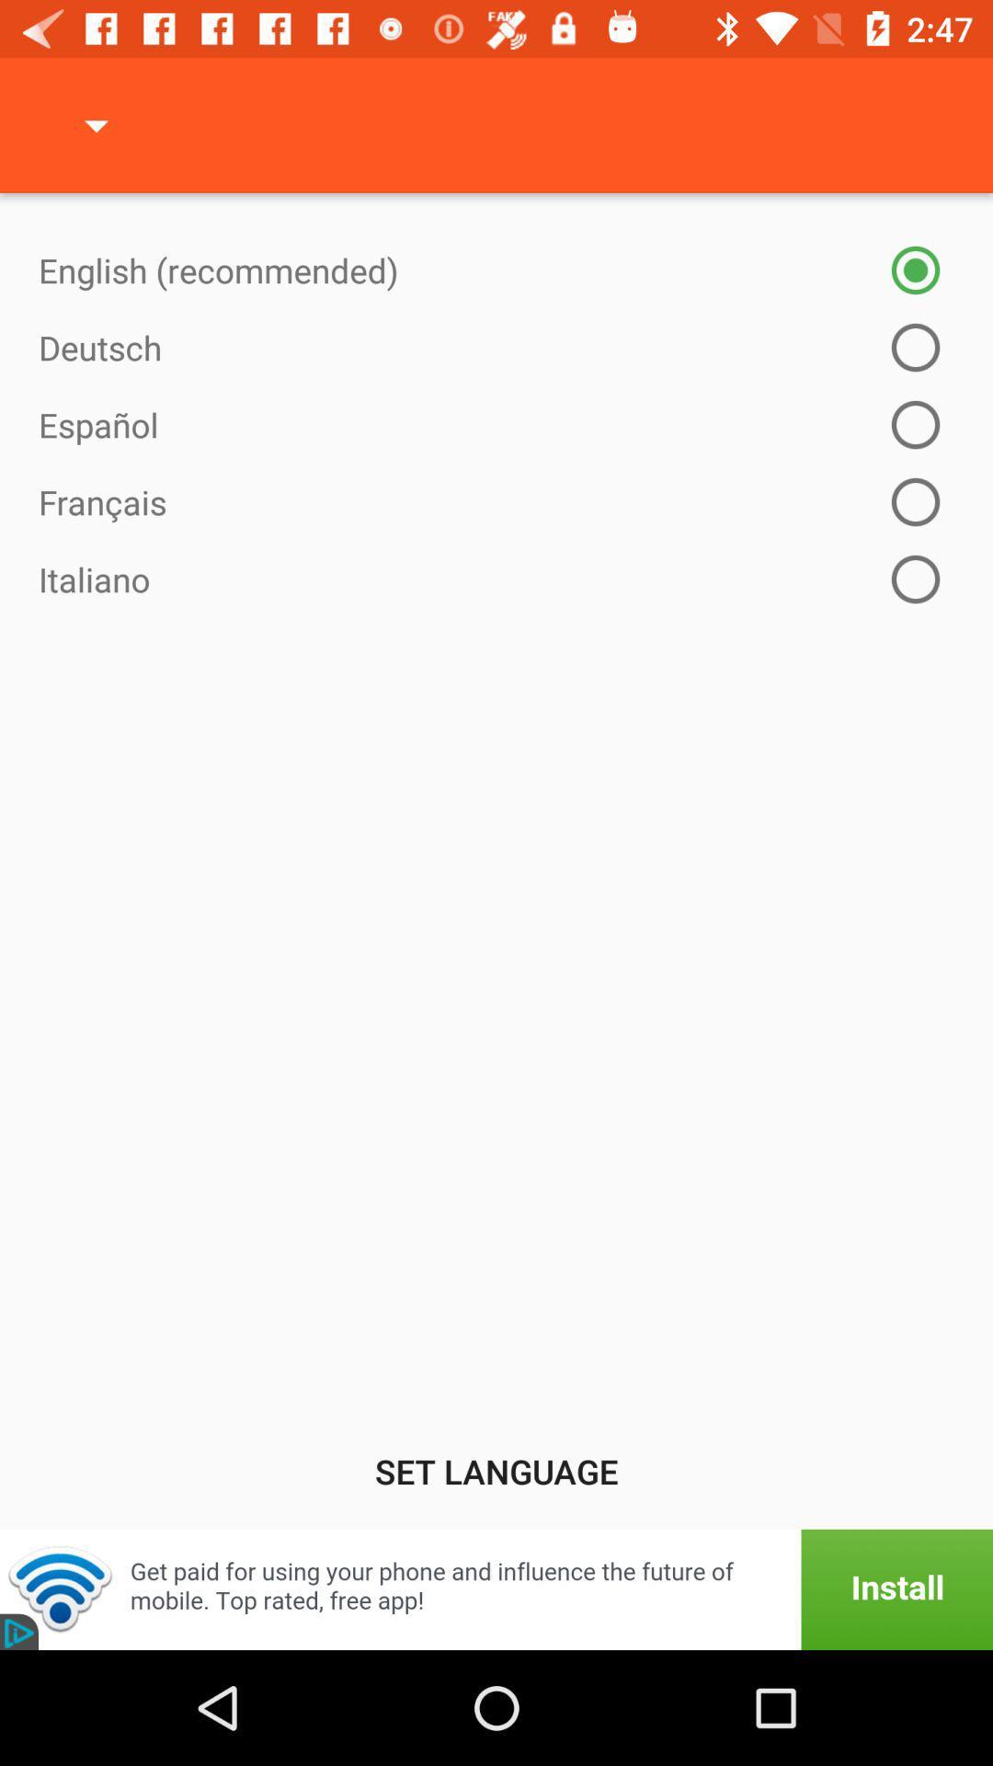 This screenshot has width=993, height=1766. Describe the element at coordinates (496, 1588) in the screenshot. I see `add` at that location.